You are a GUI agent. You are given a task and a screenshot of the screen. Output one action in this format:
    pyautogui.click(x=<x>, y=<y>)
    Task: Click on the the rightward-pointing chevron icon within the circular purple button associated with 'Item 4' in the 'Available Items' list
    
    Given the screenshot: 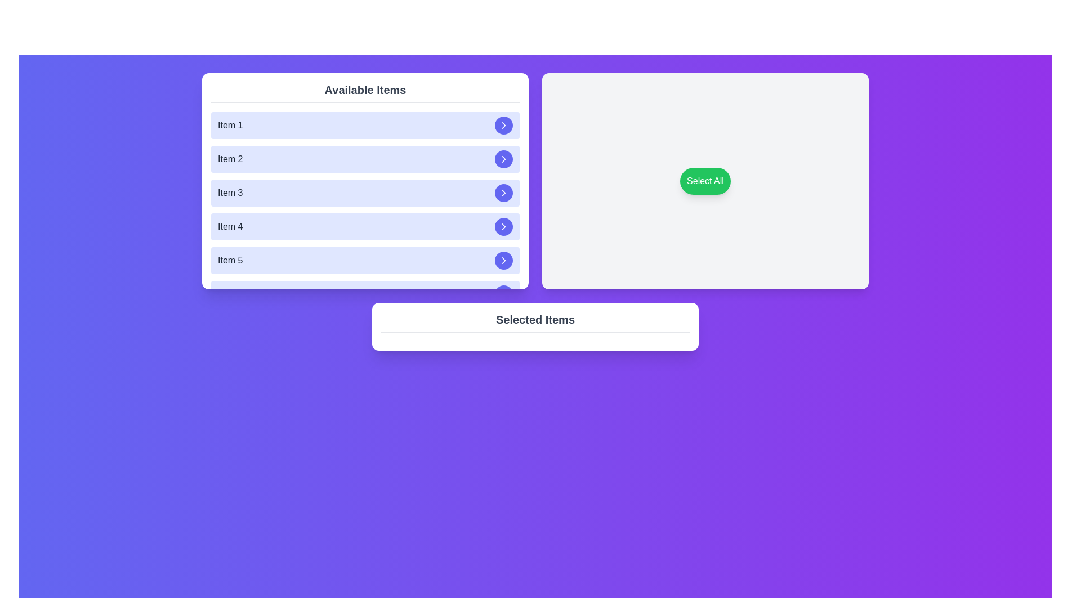 What is the action you would take?
    pyautogui.click(x=503, y=226)
    